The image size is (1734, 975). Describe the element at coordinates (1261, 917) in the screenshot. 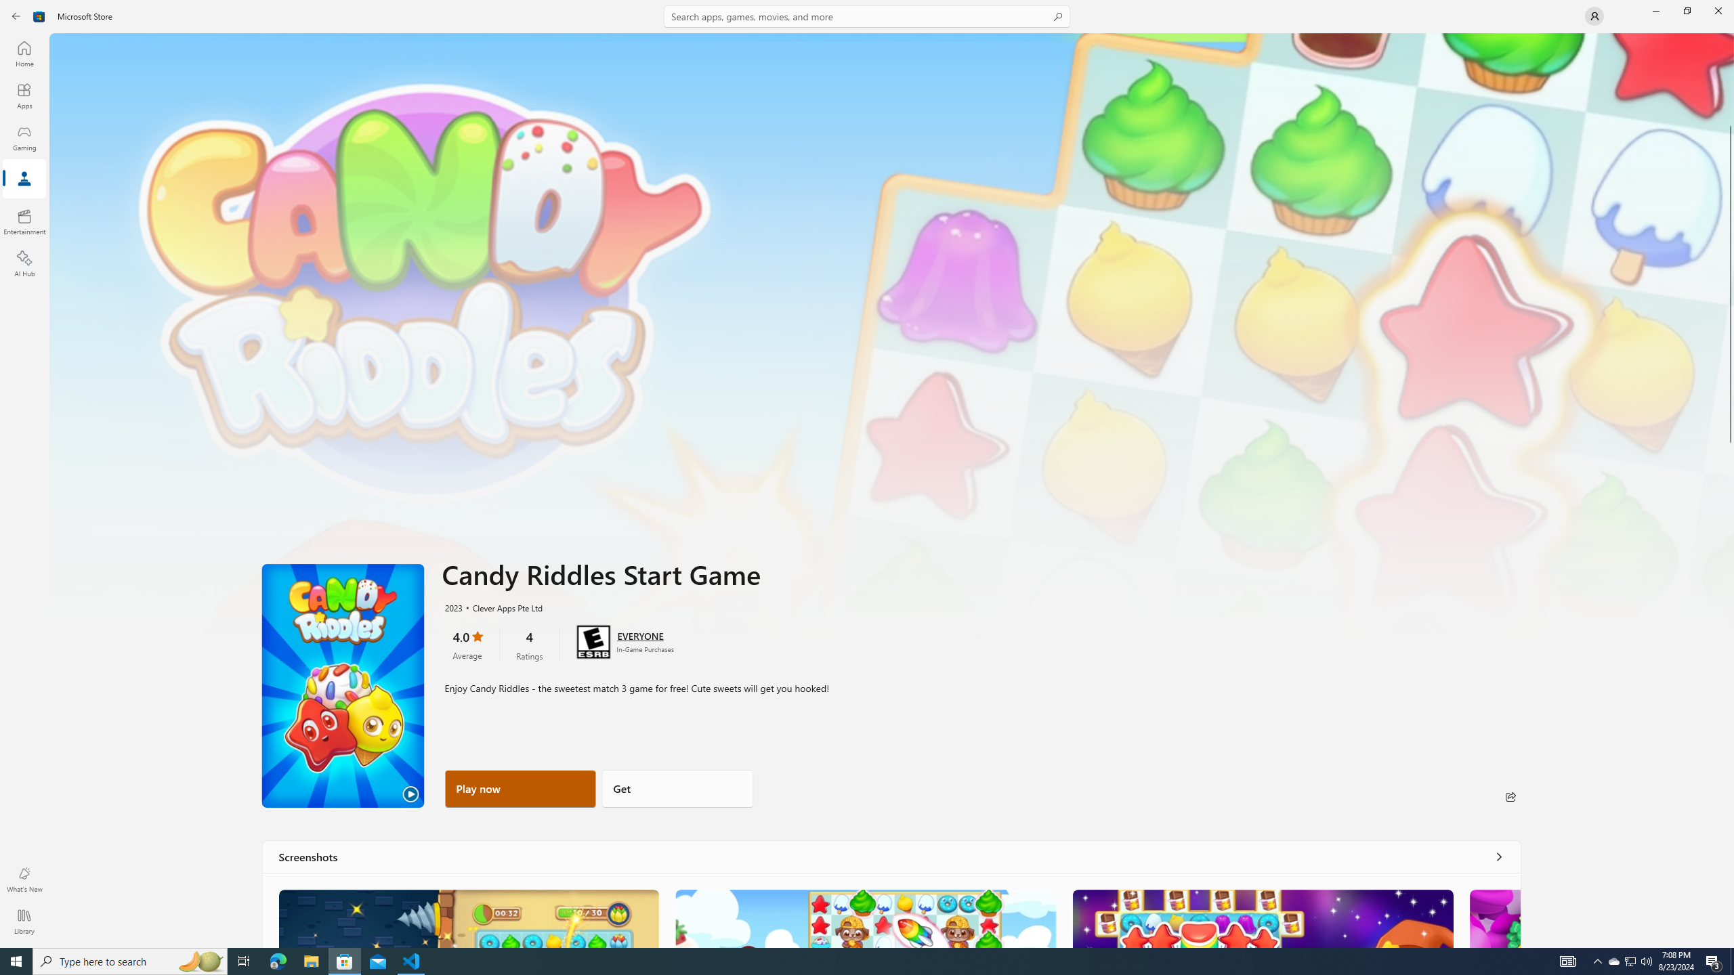

I see `'Screenshot 3'` at that location.